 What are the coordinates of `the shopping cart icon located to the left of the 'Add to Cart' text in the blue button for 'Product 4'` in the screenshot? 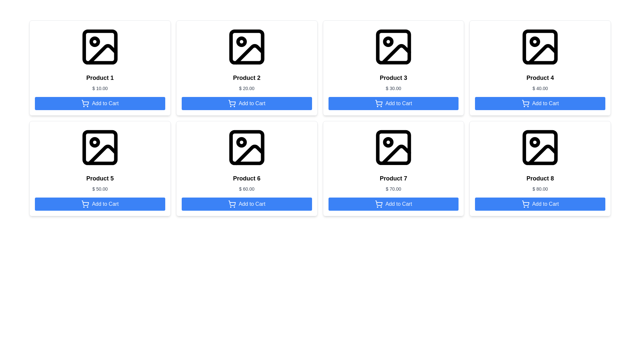 It's located at (525, 104).